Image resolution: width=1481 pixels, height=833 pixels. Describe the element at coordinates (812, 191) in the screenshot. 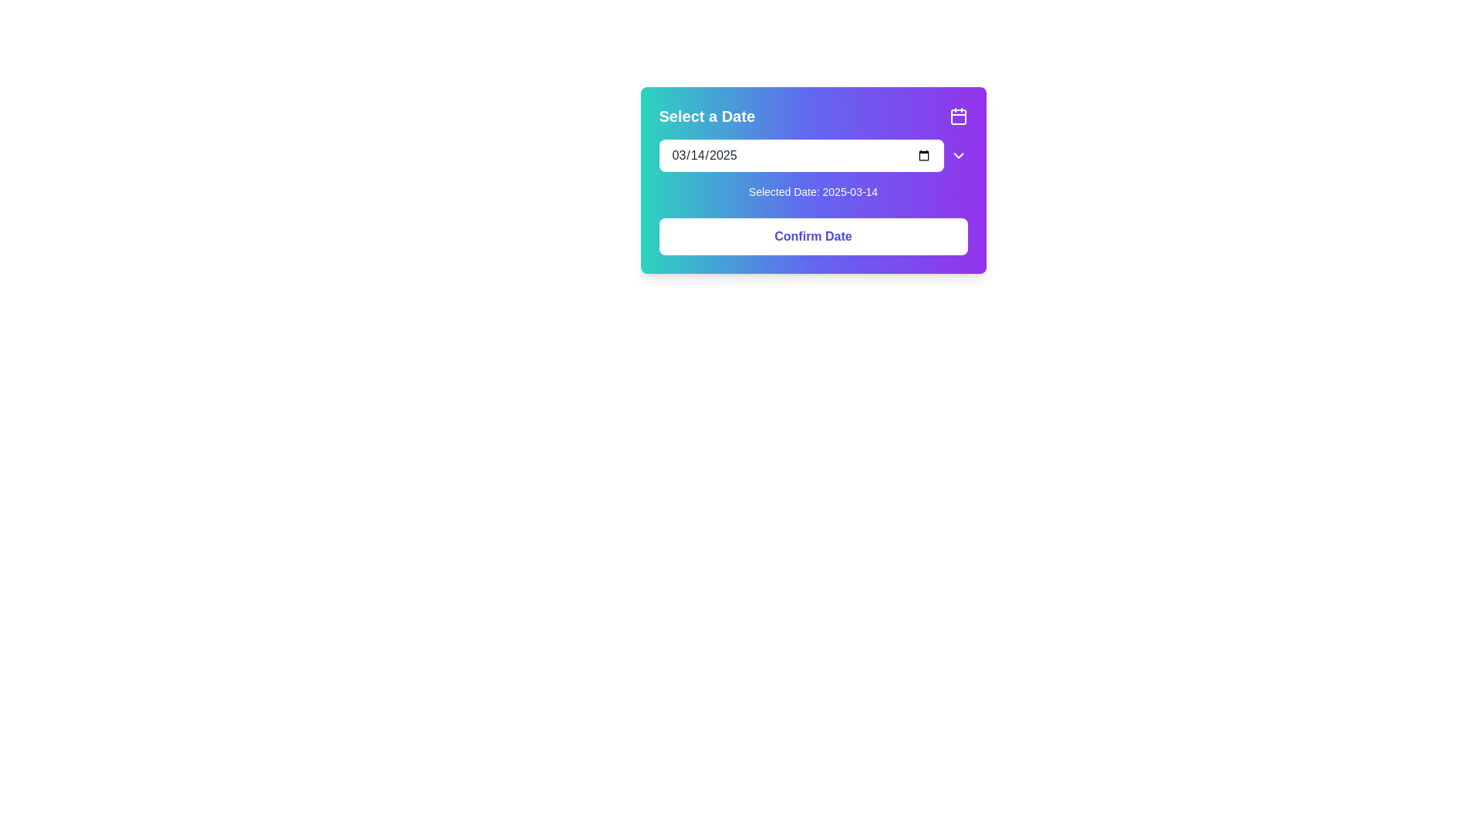

I see `the text label displaying 'Selected Date: 2025-03-14' which is styled in a small font and aligned center within the 'Select a Date' popup card` at that location.